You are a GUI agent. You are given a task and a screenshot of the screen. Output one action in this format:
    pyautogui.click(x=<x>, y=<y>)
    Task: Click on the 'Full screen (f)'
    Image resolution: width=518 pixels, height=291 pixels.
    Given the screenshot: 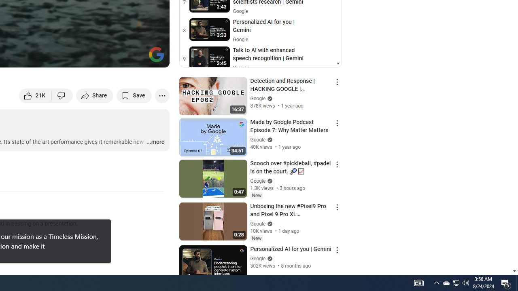 What is the action you would take?
    pyautogui.click(x=155, y=57)
    